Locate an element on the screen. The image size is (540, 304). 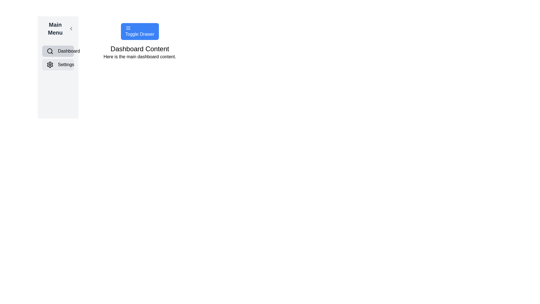
the visual indicator icon located to the left of the 'Toggle Drawer' blue rectangular button is located at coordinates (128, 28).